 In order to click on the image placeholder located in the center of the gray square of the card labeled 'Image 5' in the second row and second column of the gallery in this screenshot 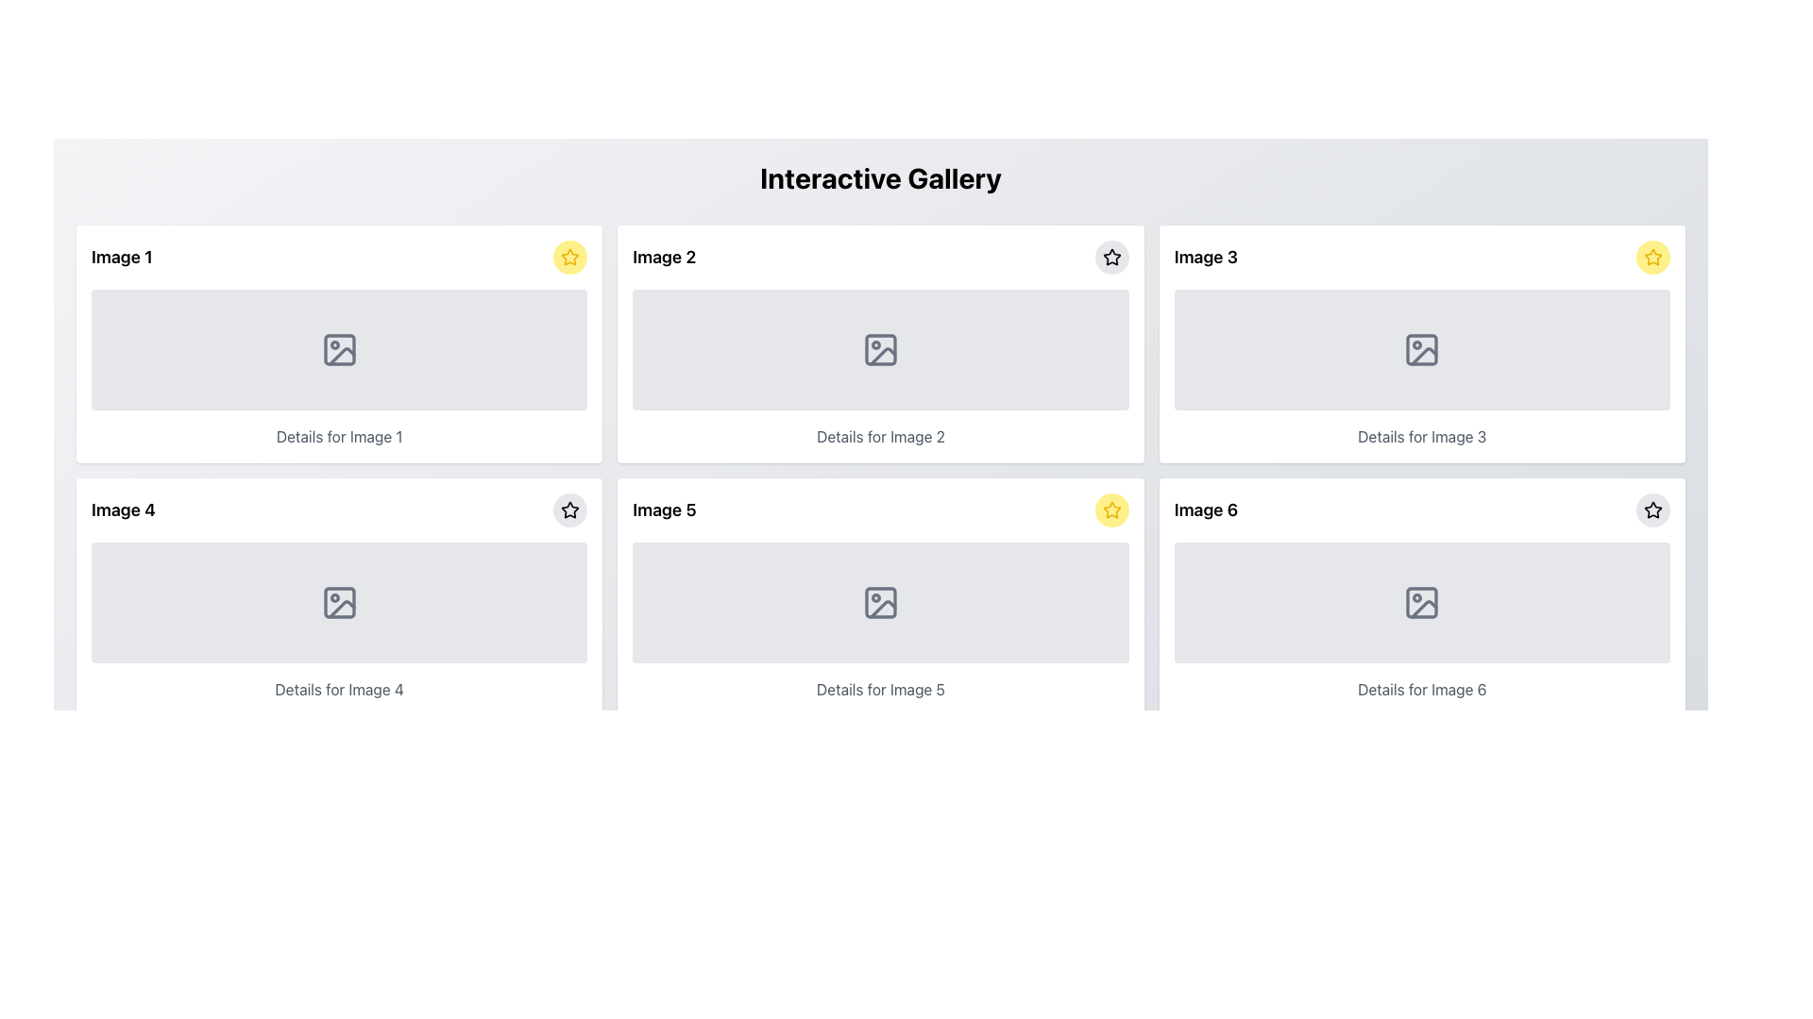, I will do `click(879, 855)`.